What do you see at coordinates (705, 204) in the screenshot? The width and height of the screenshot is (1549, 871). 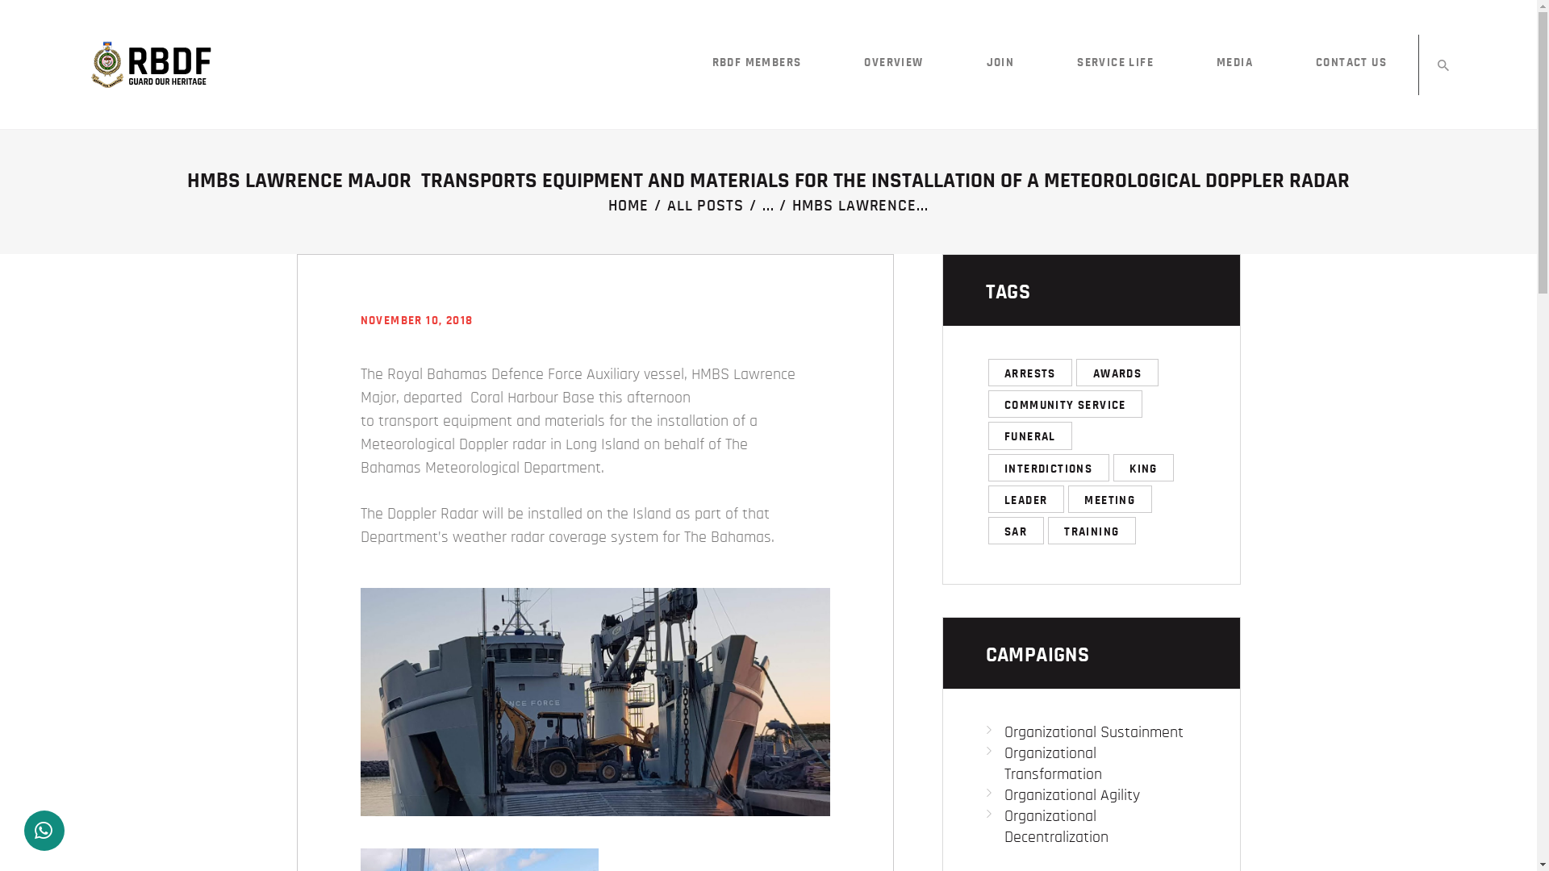 I see `'ALL POSTS'` at bounding box center [705, 204].